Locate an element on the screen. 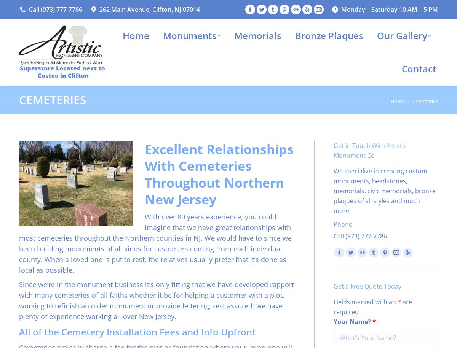  'All of the Cemetery Installation Fees and Info Upfront' is located at coordinates (137, 331).